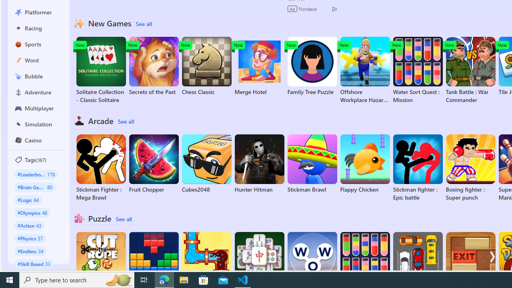 The image size is (512, 288). I want to click on '#Physics 37', so click(30, 238).